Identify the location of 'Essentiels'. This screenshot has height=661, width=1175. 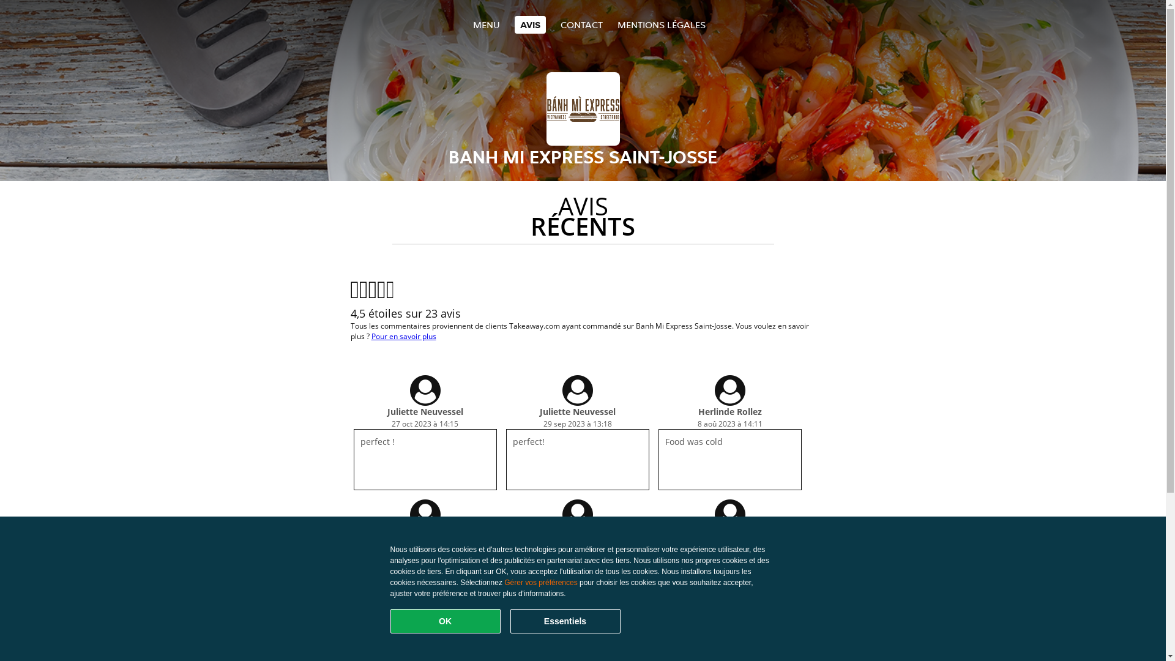
(564, 621).